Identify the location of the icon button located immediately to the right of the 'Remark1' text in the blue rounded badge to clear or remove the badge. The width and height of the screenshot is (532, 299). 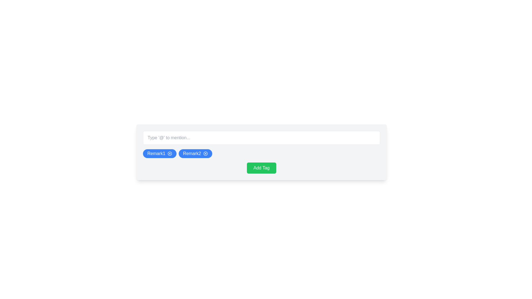
(169, 154).